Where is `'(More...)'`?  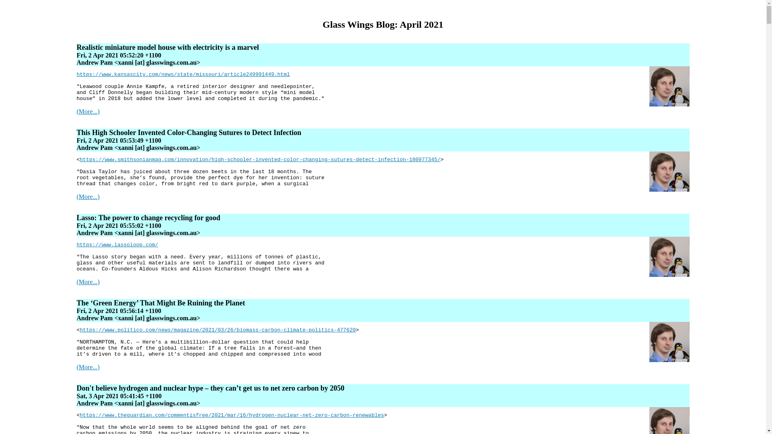 '(More...)' is located at coordinates (88, 367).